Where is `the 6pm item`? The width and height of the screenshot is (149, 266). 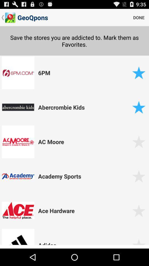
the 6pm item is located at coordinates (84, 72).